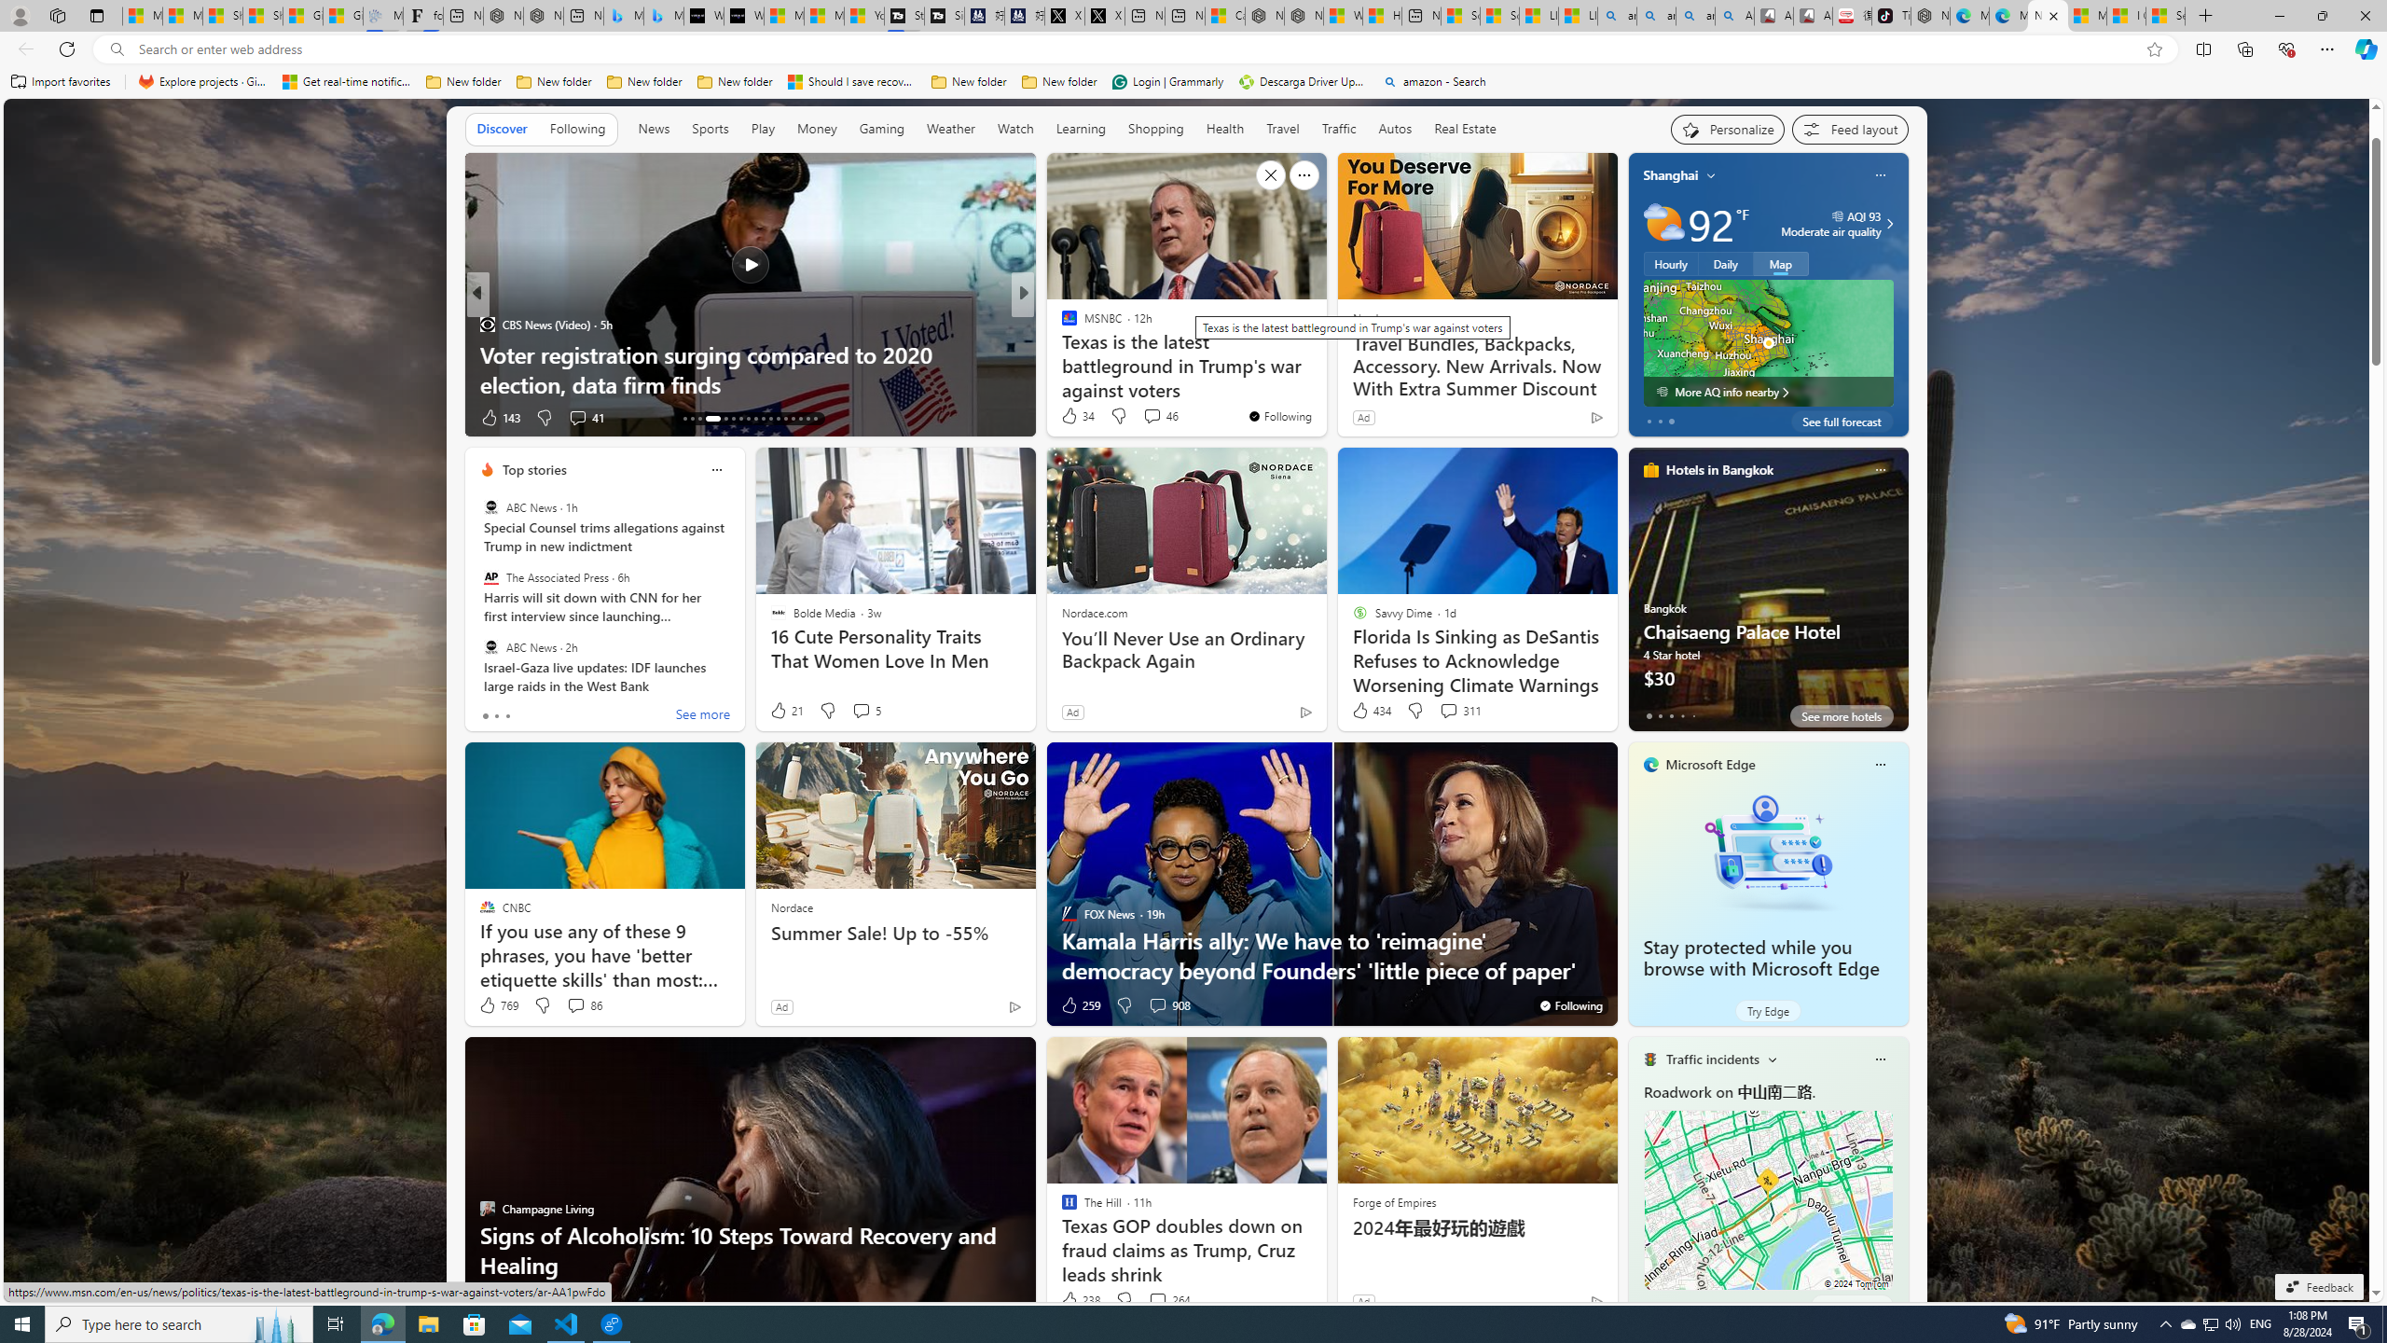 The width and height of the screenshot is (2387, 1343). Describe the element at coordinates (1156, 417) in the screenshot. I see `'View comments 6 Comment'` at that location.